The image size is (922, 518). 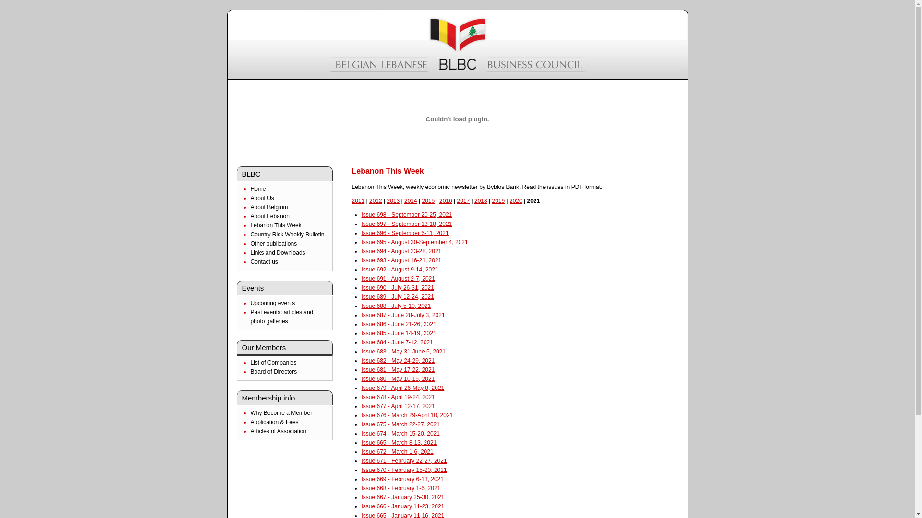 I want to click on '2019', so click(x=498, y=200).